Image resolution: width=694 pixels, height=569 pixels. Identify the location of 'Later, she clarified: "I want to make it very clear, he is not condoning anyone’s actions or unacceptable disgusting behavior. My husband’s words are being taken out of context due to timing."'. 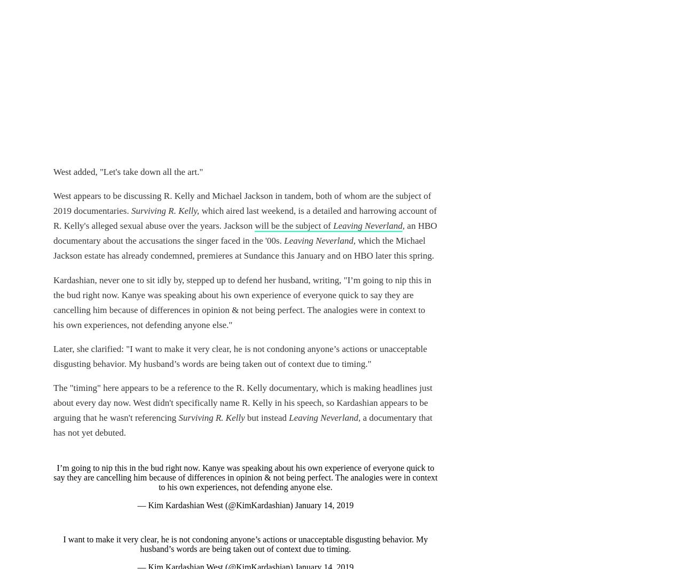
(239, 356).